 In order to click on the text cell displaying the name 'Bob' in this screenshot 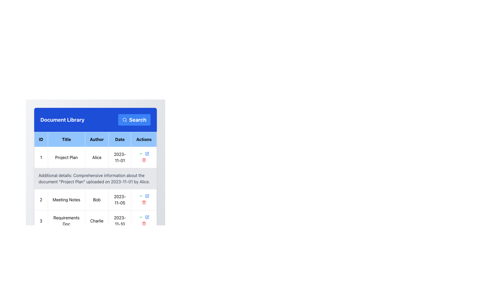, I will do `click(95, 199)`.